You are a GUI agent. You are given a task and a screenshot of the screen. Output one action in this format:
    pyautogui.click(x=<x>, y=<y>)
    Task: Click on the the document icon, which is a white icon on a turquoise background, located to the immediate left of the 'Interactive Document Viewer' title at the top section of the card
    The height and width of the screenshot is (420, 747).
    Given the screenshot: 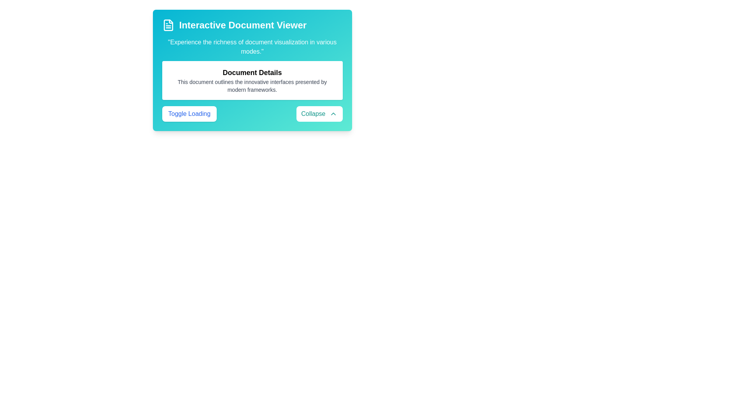 What is the action you would take?
    pyautogui.click(x=168, y=25)
    